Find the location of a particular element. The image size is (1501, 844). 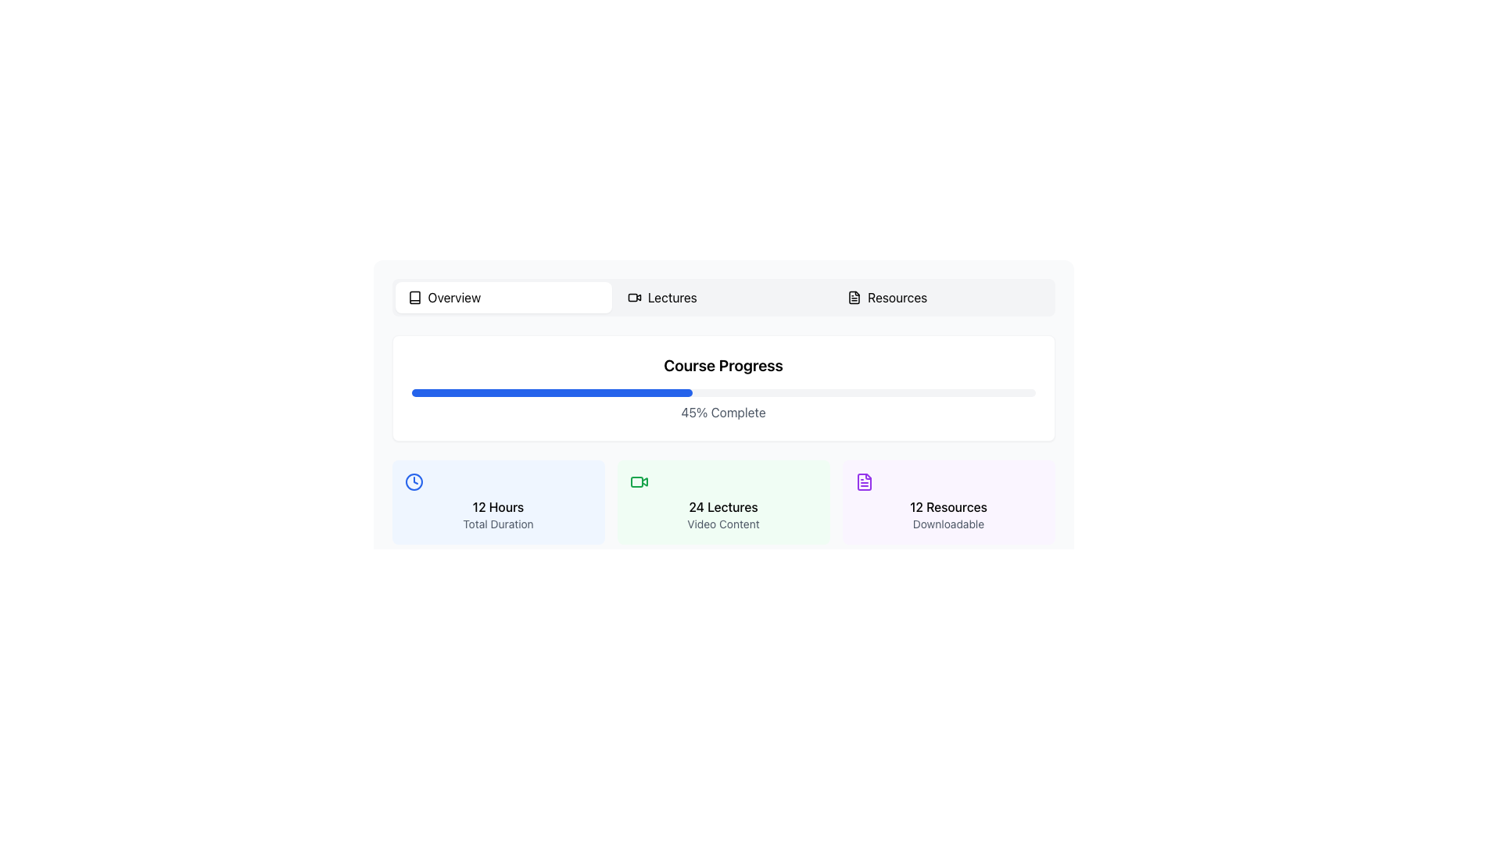

circular boundary of the SVG circle located inside the blue clock icon, positioned to the left of the '12 Hours Total Duration' text is located at coordinates (414, 481).